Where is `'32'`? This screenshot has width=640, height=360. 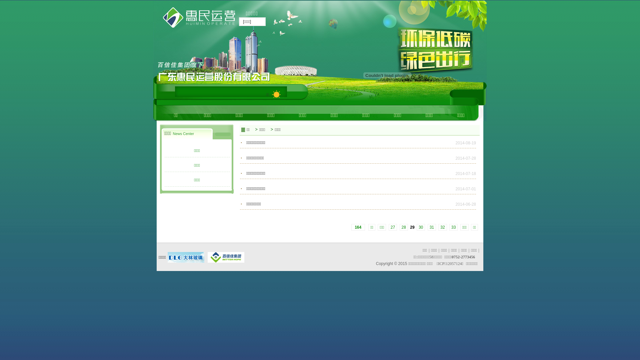 '32' is located at coordinates (442, 227).